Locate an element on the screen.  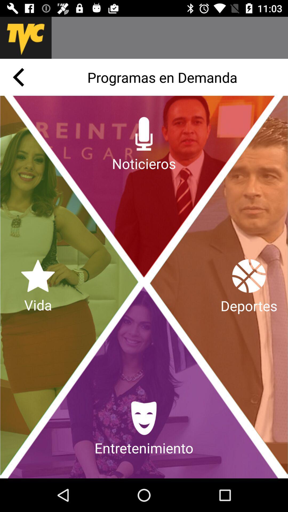
the item next to vida item is located at coordinates (249, 287).